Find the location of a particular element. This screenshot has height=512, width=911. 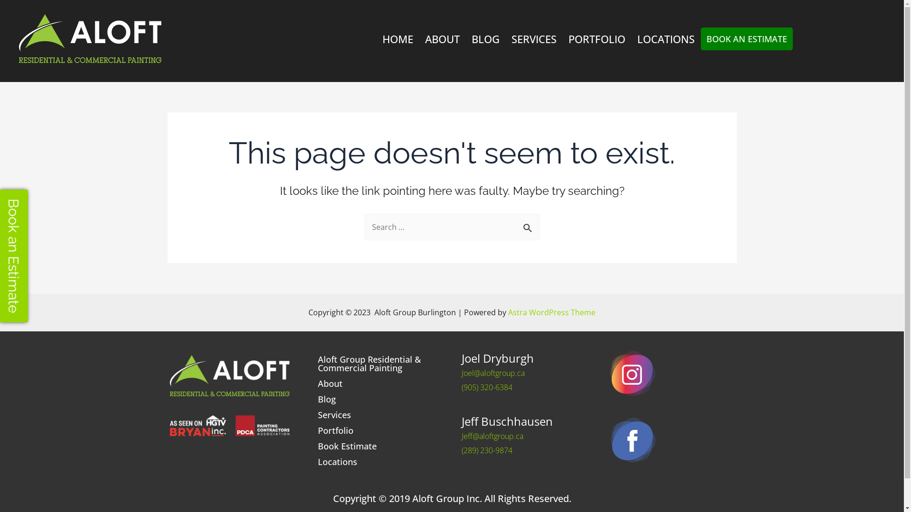

'Astra WordPress Theme' is located at coordinates (551, 312).